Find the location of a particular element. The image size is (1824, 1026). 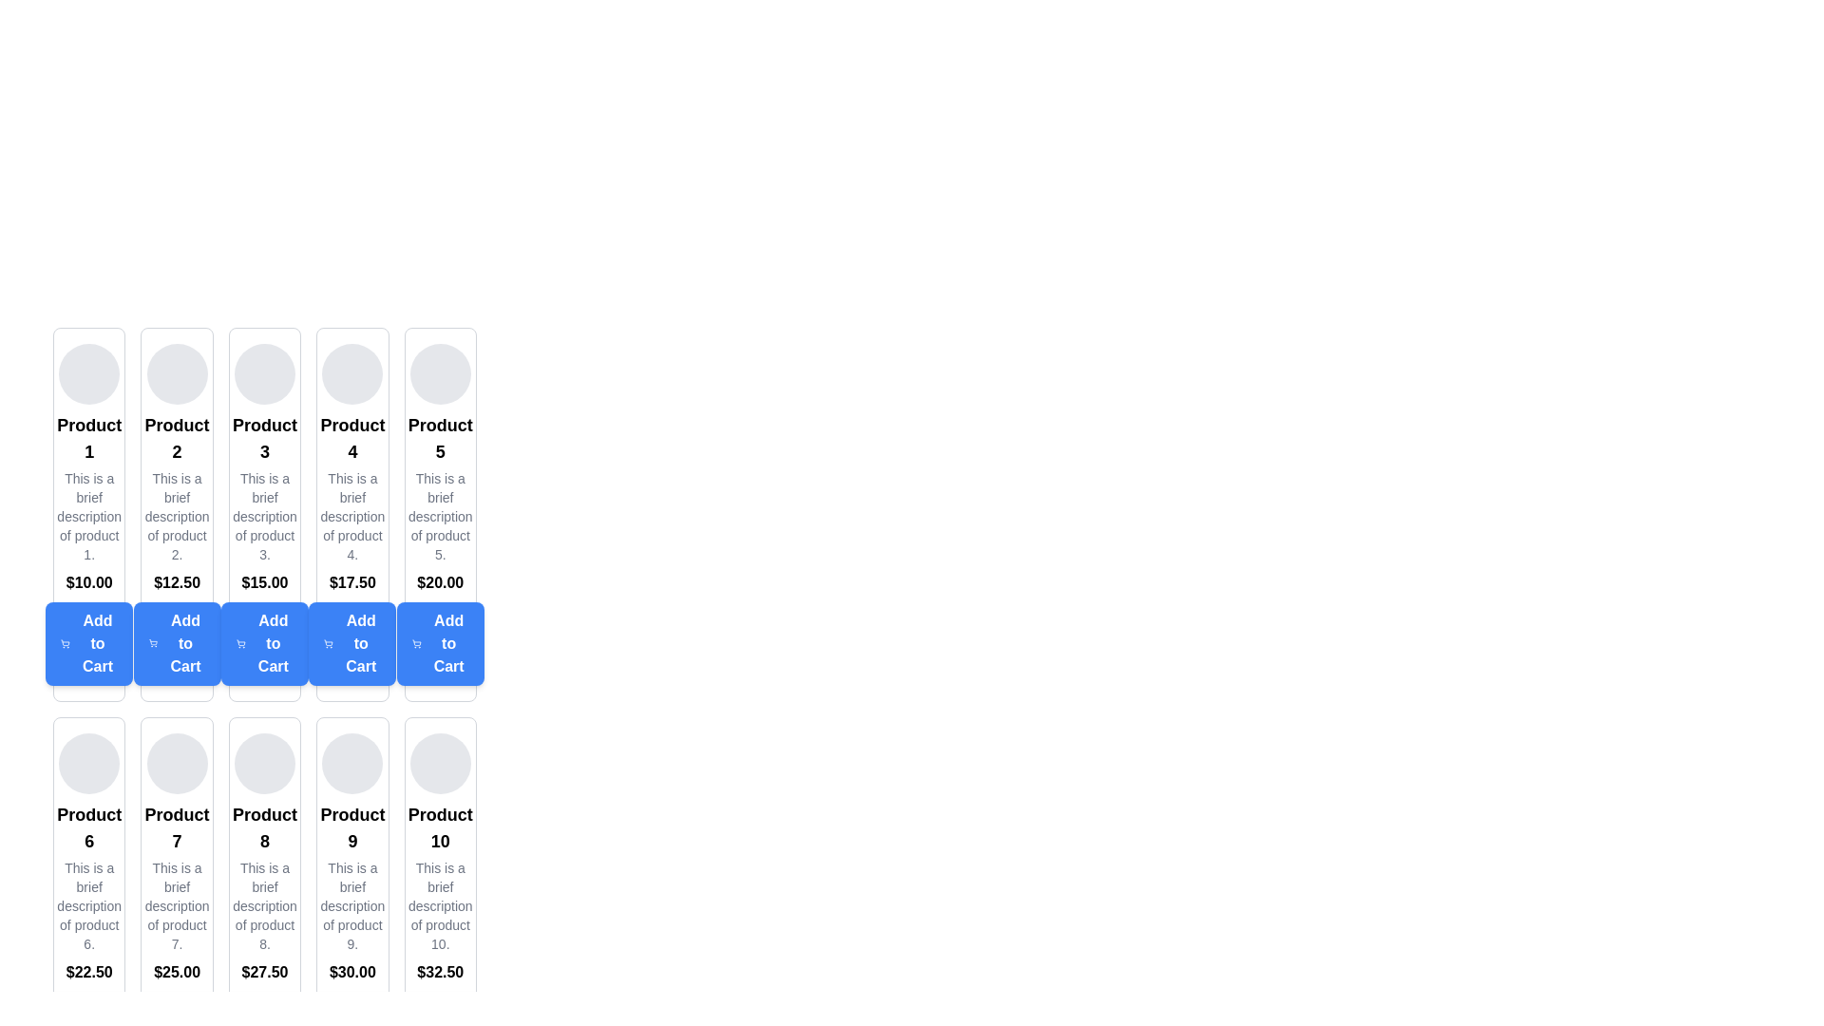

the button at the bottom of the 'Product 5' card to trigger the hover effect is located at coordinates (439, 643).